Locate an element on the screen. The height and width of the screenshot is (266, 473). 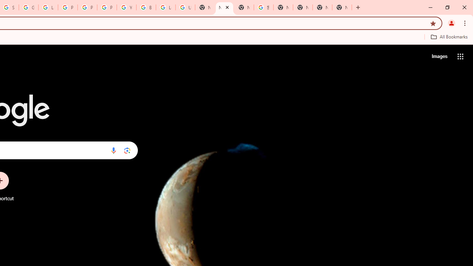
'Privacy Help Center - Policies Help' is located at coordinates (68, 7).